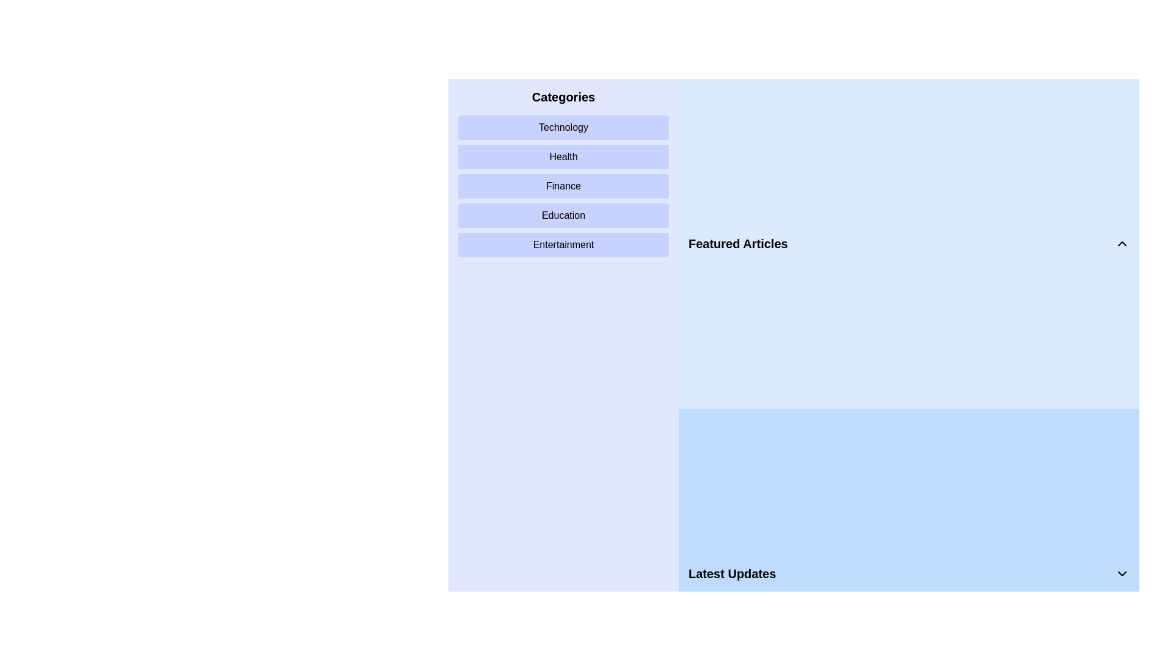  I want to click on the 'Entertainment' category selector button, which is the fifth button in a vertical stack under 'Categories', located directly below the 'Education' button, so click(563, 245).